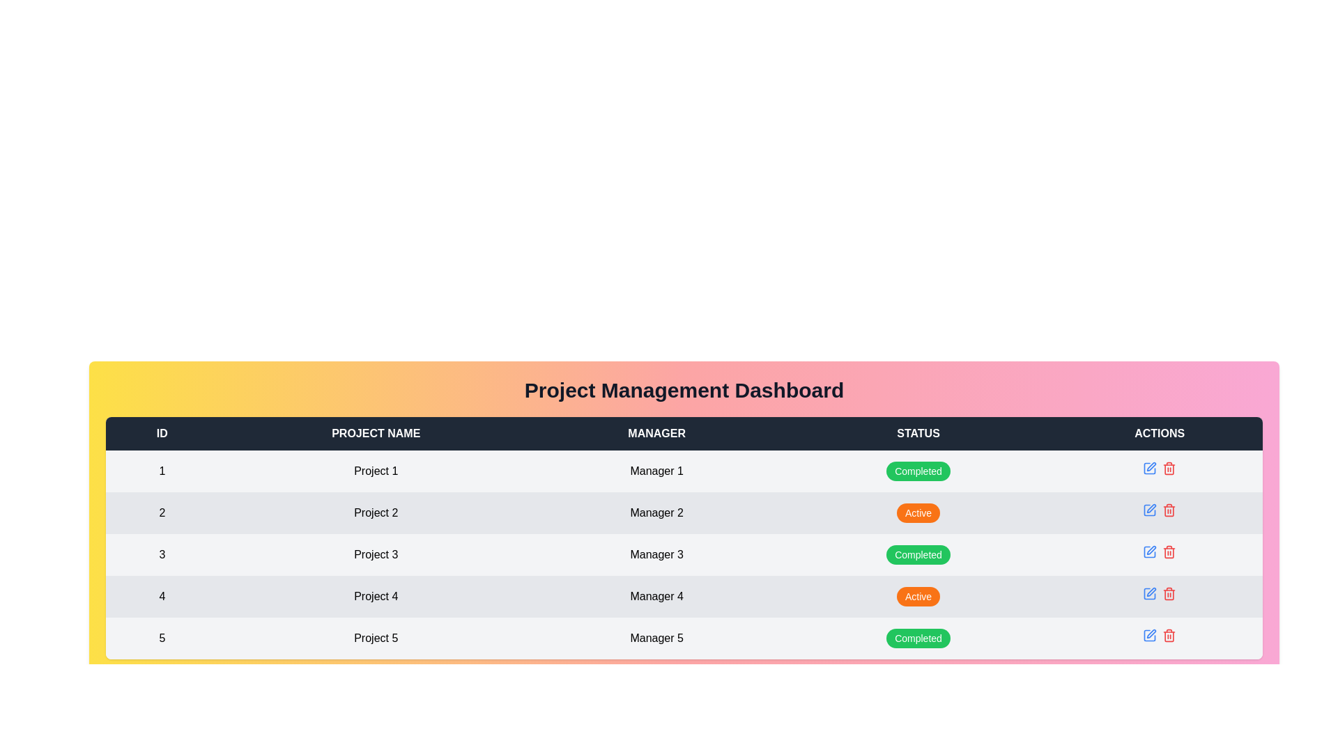 This screenshot has width=1338, height=752. I want to click on text content of the static text label displaying 'Project 5' located in the fifth row of the table under the 'PROJECT NAME' column, so click(376, 639).